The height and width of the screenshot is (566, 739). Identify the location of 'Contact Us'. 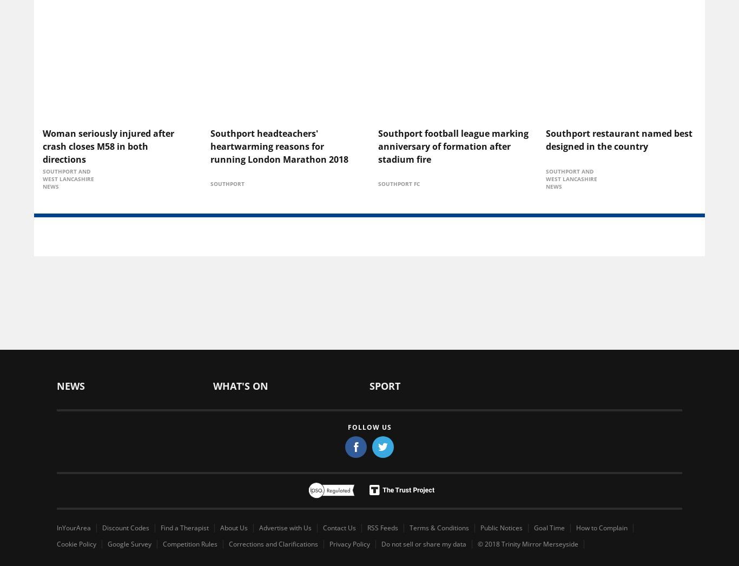
(322, 527).